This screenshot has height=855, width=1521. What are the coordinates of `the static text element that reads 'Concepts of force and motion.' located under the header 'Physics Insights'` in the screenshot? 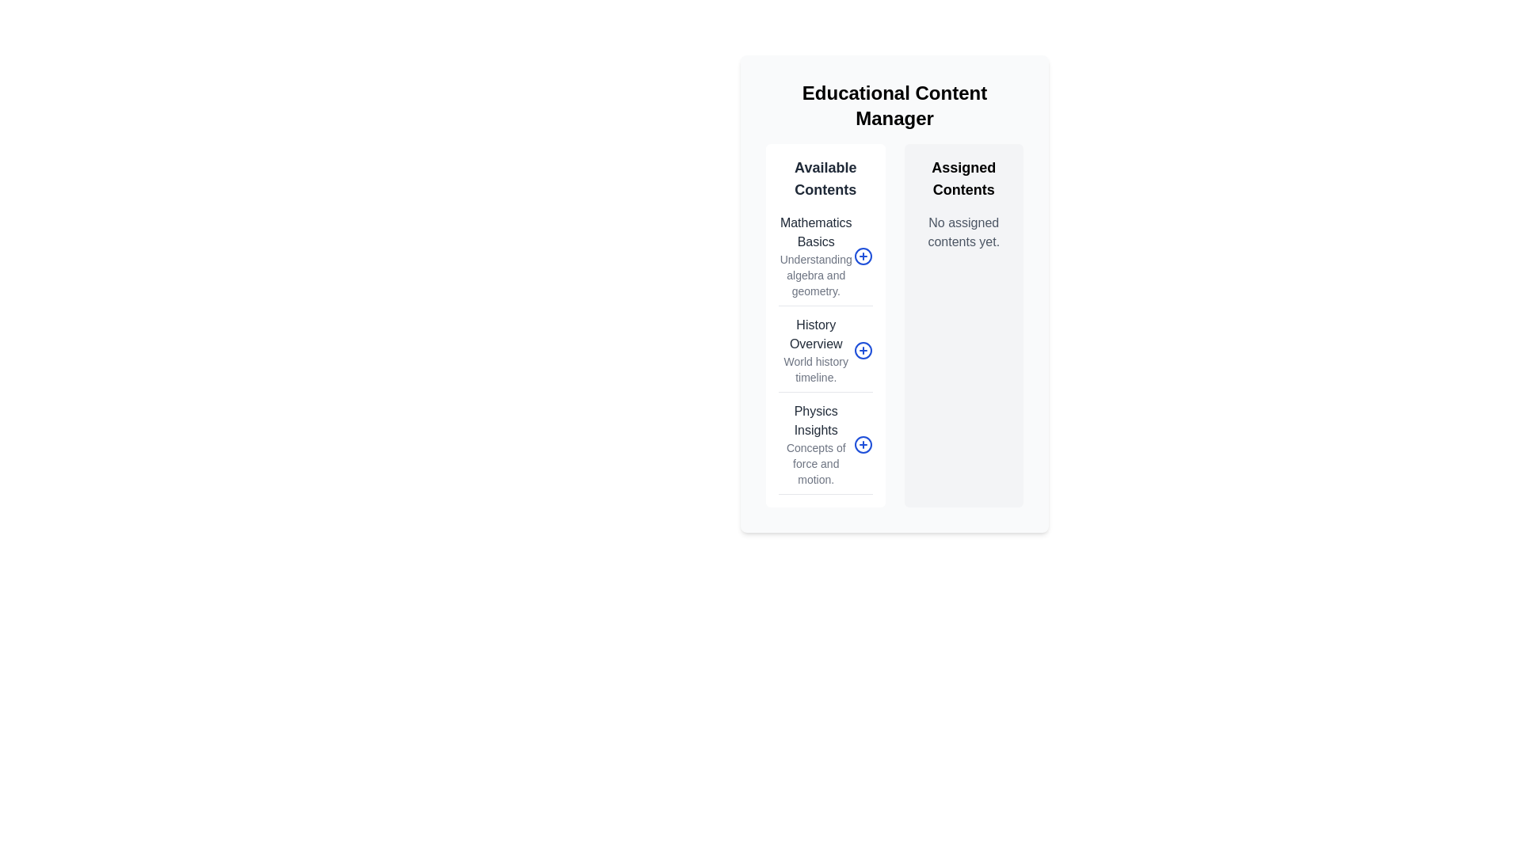 It's located at (816, 463).